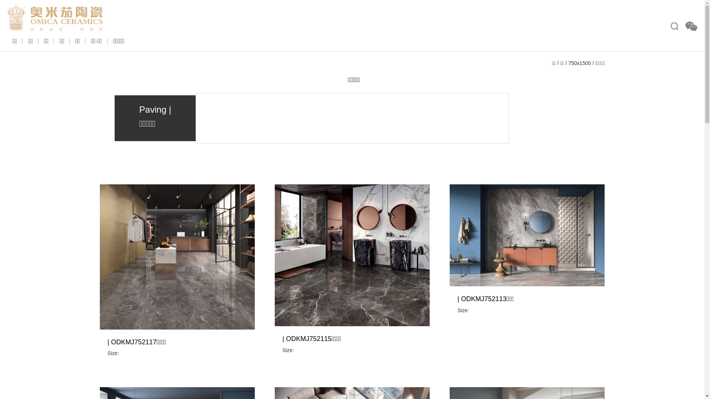 The width and height of the screenshot is (710, 399). Describe the element at coordinates (568, 62) in the screenshot. I see `'750x1500'` at that location.